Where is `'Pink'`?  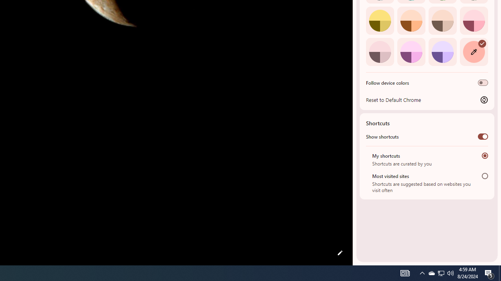 'Pink' is located at coordinates (380, 52).